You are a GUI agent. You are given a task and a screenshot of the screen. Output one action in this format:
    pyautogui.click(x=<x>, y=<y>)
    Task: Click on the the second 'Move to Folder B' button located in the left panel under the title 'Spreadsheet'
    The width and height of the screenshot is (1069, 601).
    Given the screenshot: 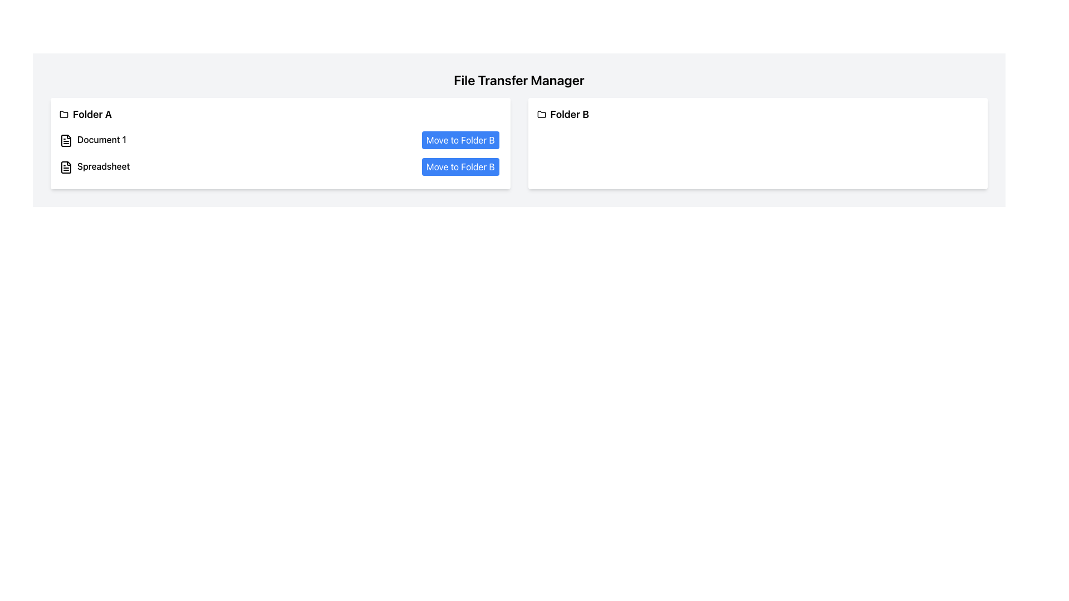 What is the action you would take?
    pyautogui.click(x=460, y=167)
    